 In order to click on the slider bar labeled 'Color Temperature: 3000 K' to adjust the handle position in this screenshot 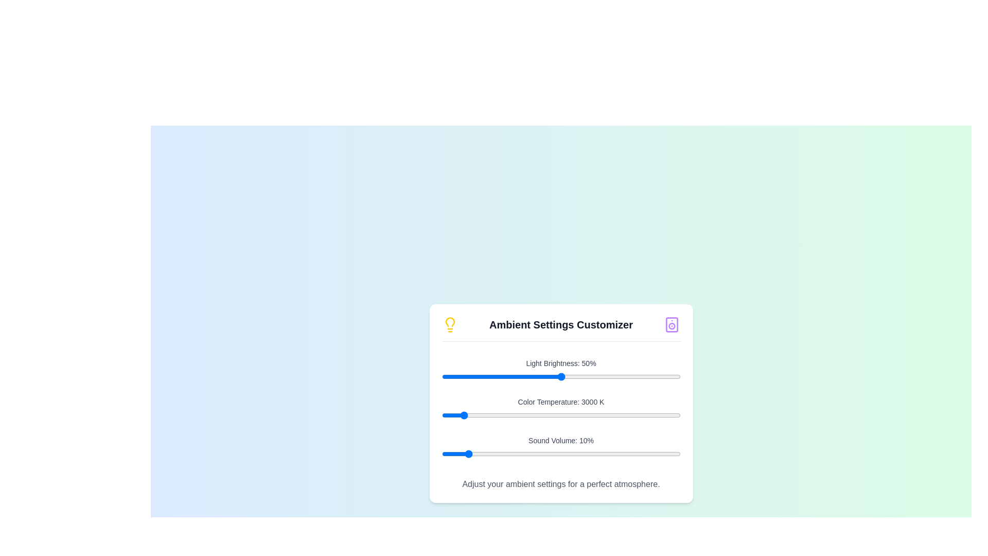, I will do `click(560, 409)`.